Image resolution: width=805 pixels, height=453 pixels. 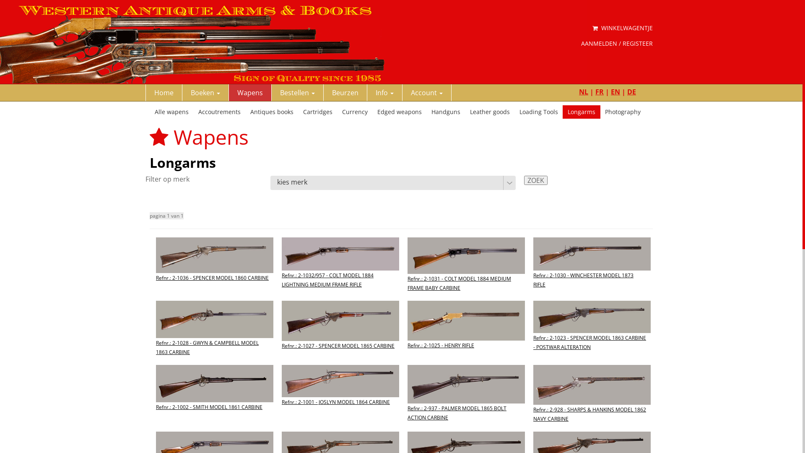 I want to click on 'Refnr.: 2-928 - SHARPS & HANKINS MODEL 1862 NAVY CARBINE', so click(x=591, y=401).